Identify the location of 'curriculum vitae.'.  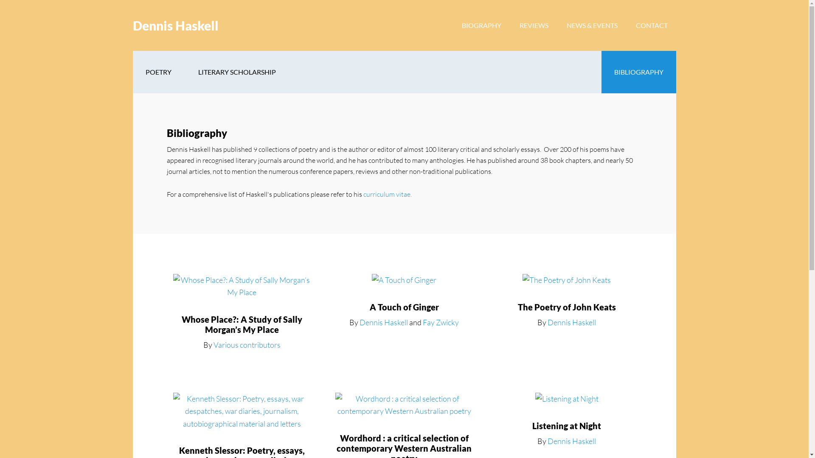
(387, 194).